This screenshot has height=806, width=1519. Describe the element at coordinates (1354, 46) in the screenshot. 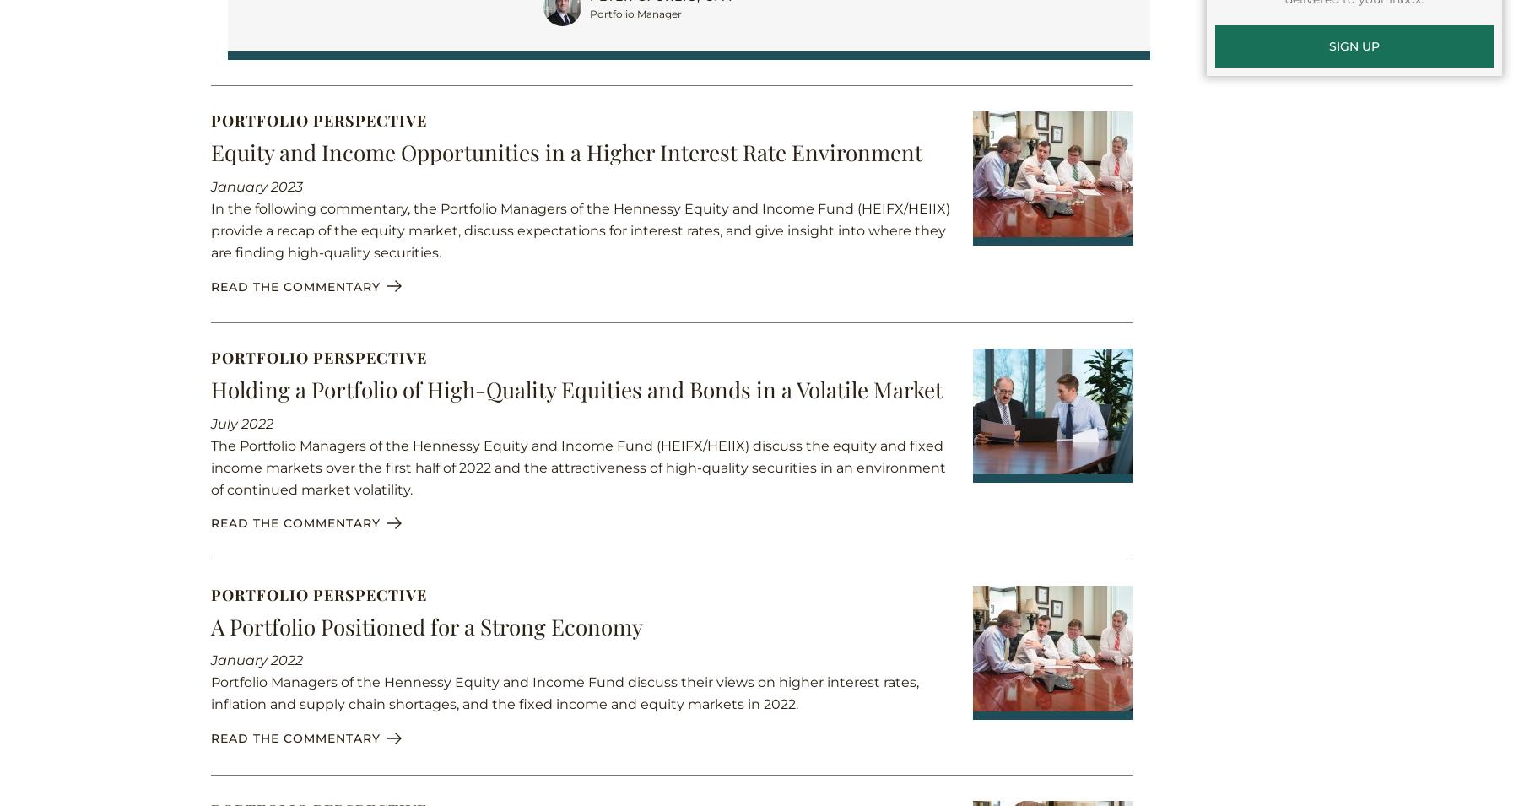

I see `'SIGN UP'` at that location.